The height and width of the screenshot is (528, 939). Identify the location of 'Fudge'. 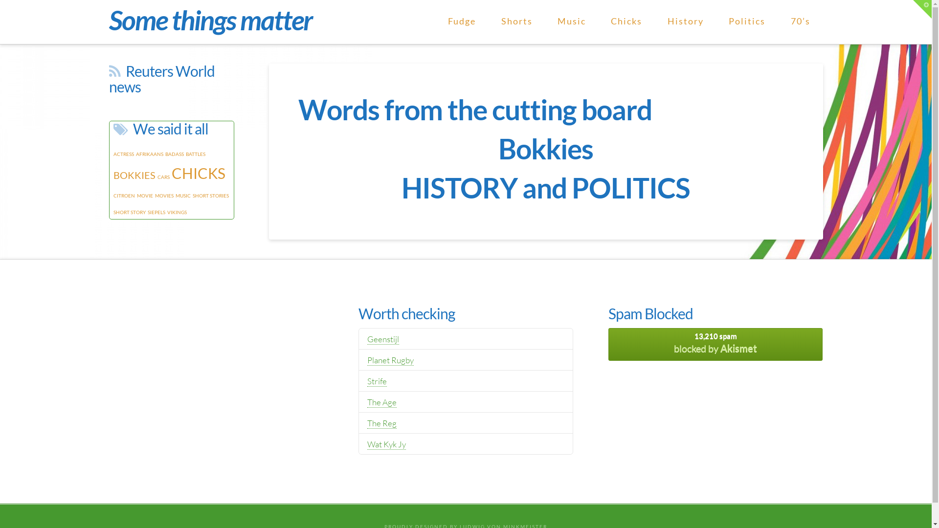
(461, 22).